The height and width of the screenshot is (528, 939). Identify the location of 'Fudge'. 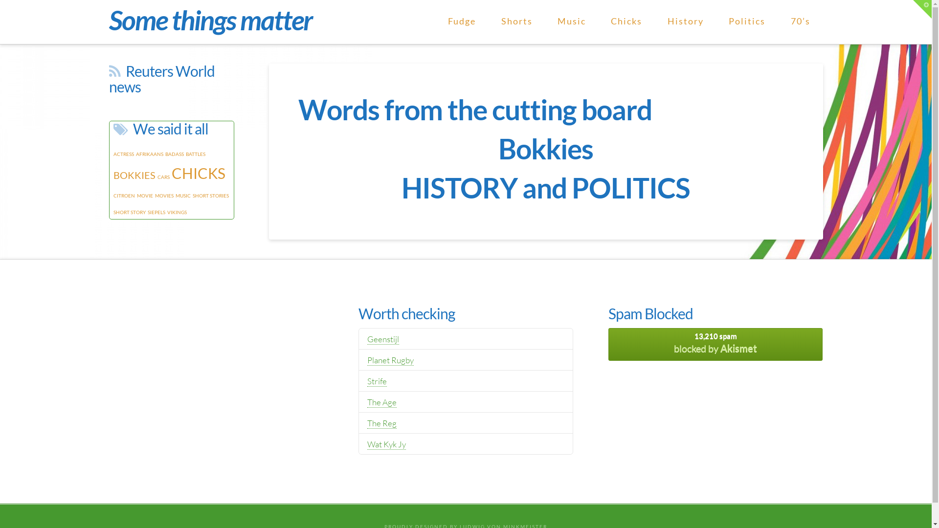
(461, 22).